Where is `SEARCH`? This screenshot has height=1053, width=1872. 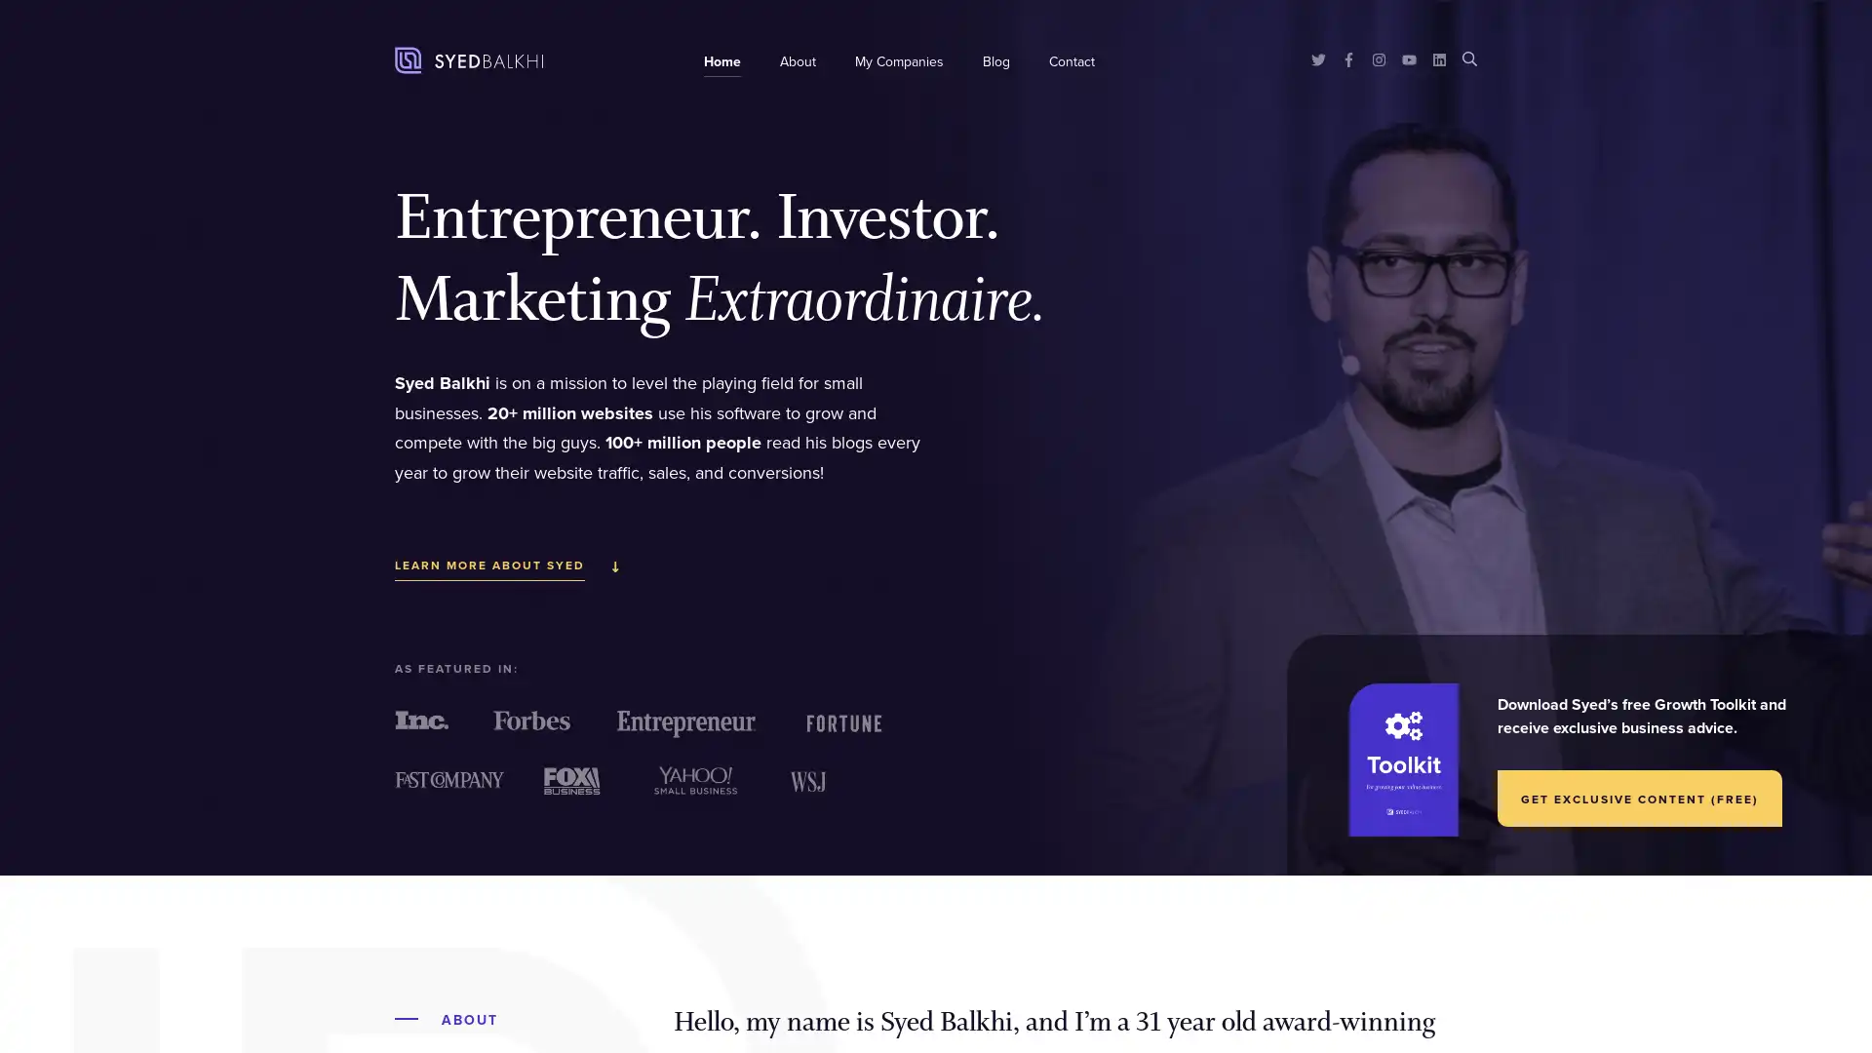
SEARCH is located at coordinates (1469, 57).